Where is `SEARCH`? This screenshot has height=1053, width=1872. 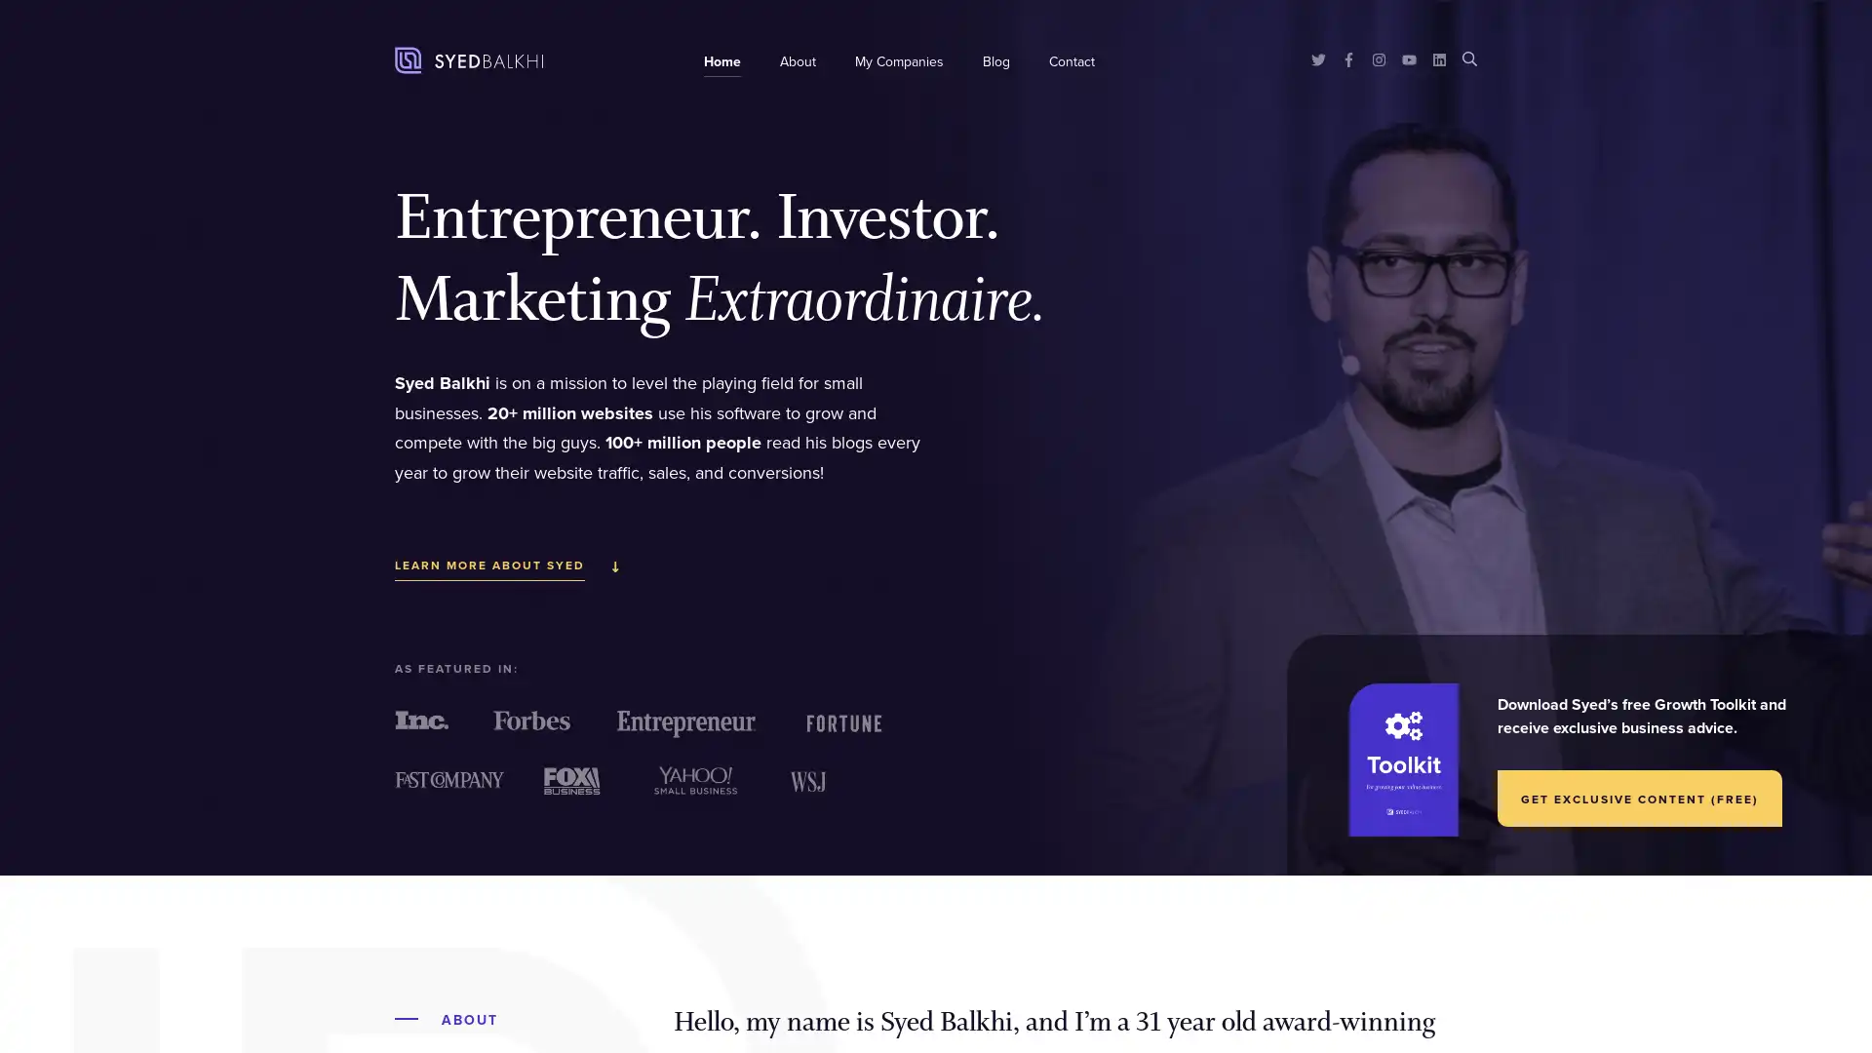
SEARCH is located at coordinates (1469, 57).